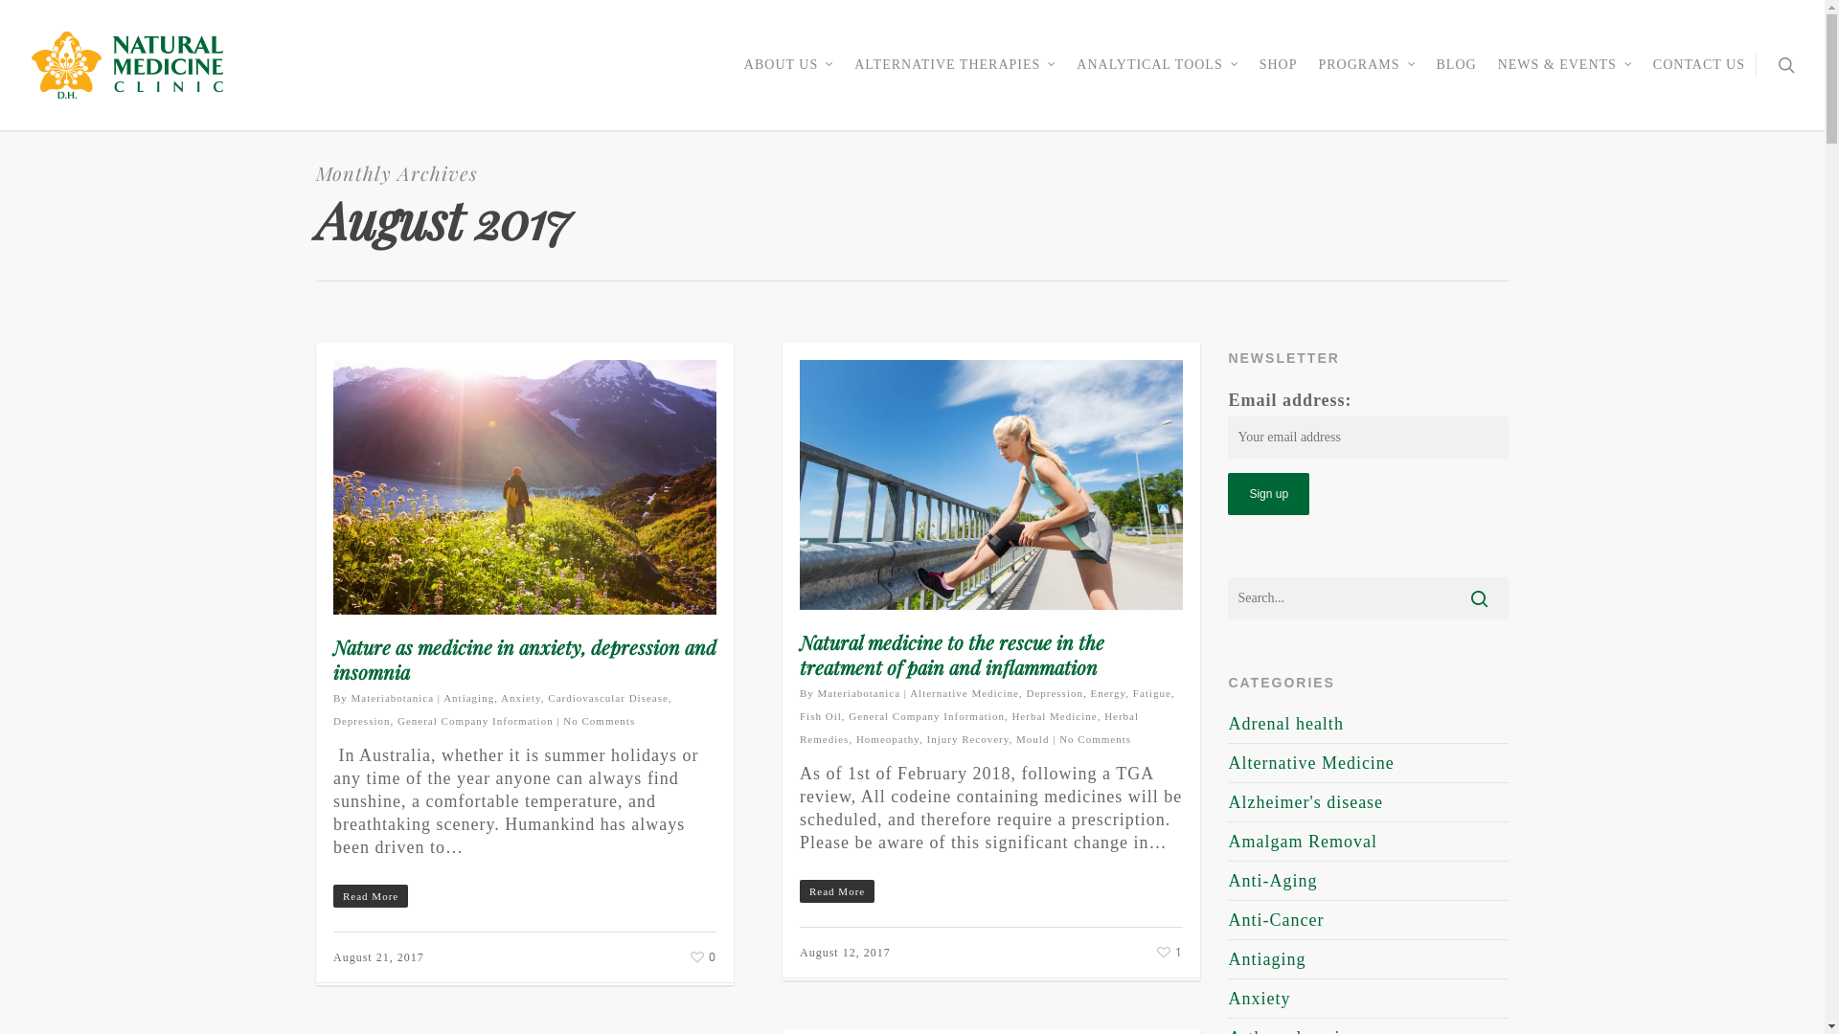 The height and width of the screenshot is (1034, 1839). What do you see at coordinates (700, 955) in the screenshot?
I see `'0'` at bounding box center [700, 955].